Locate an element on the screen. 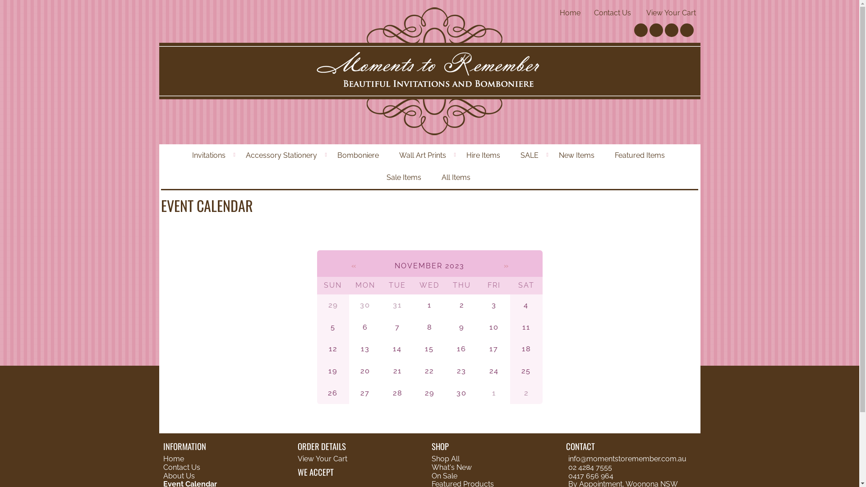  'Shop All' is located at coordinates (446, 459).